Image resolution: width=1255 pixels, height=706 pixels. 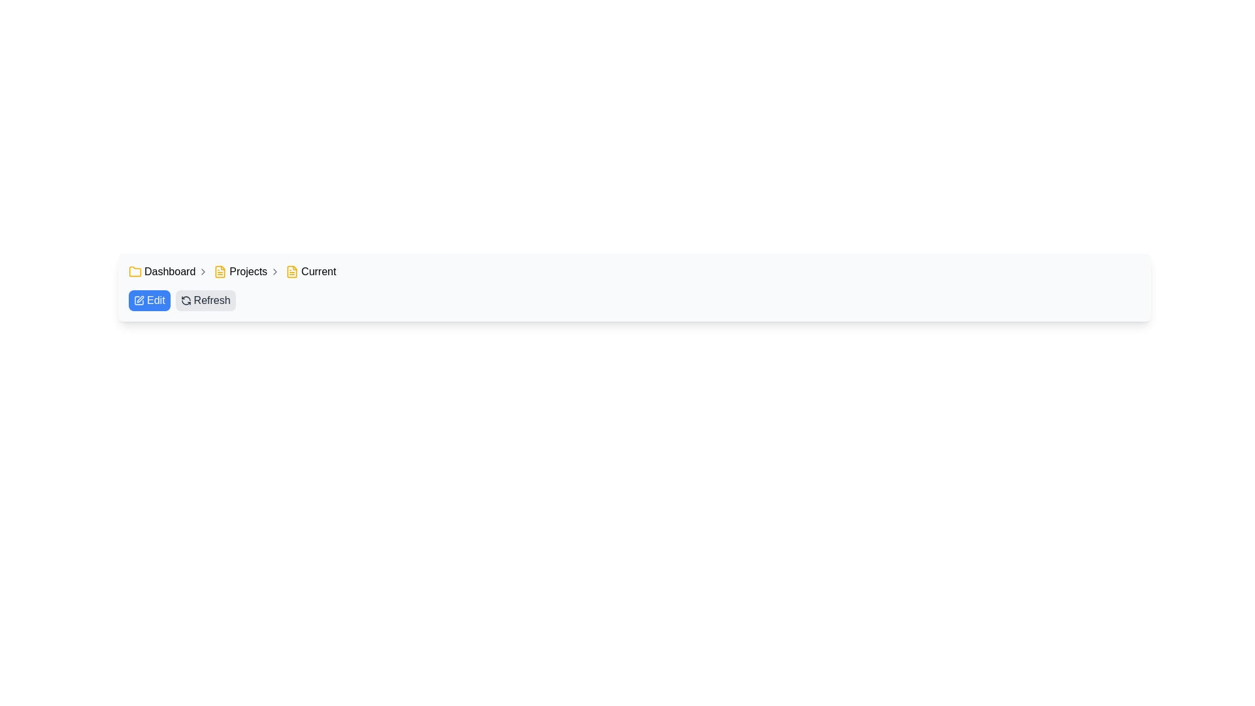 What do you see at coordinates (318, 271) in the screenshot?
I see `the static text label indicating the current page in the breadcrumb navigation bar, positioned to the right of the file icon` at bounding box center [318, 271].